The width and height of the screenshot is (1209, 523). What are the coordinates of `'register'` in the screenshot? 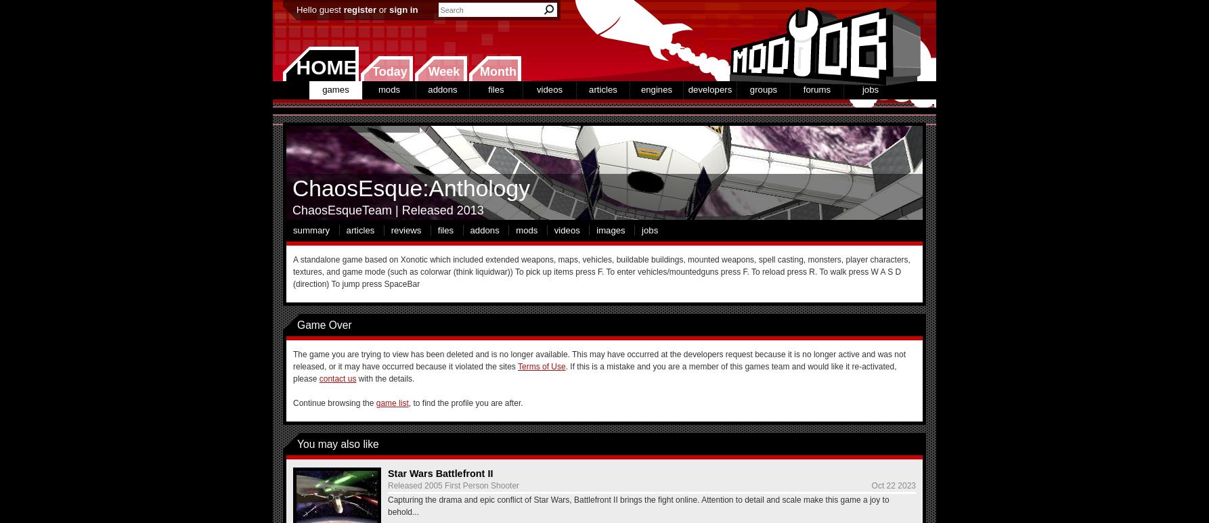 It's located at (359, 9).